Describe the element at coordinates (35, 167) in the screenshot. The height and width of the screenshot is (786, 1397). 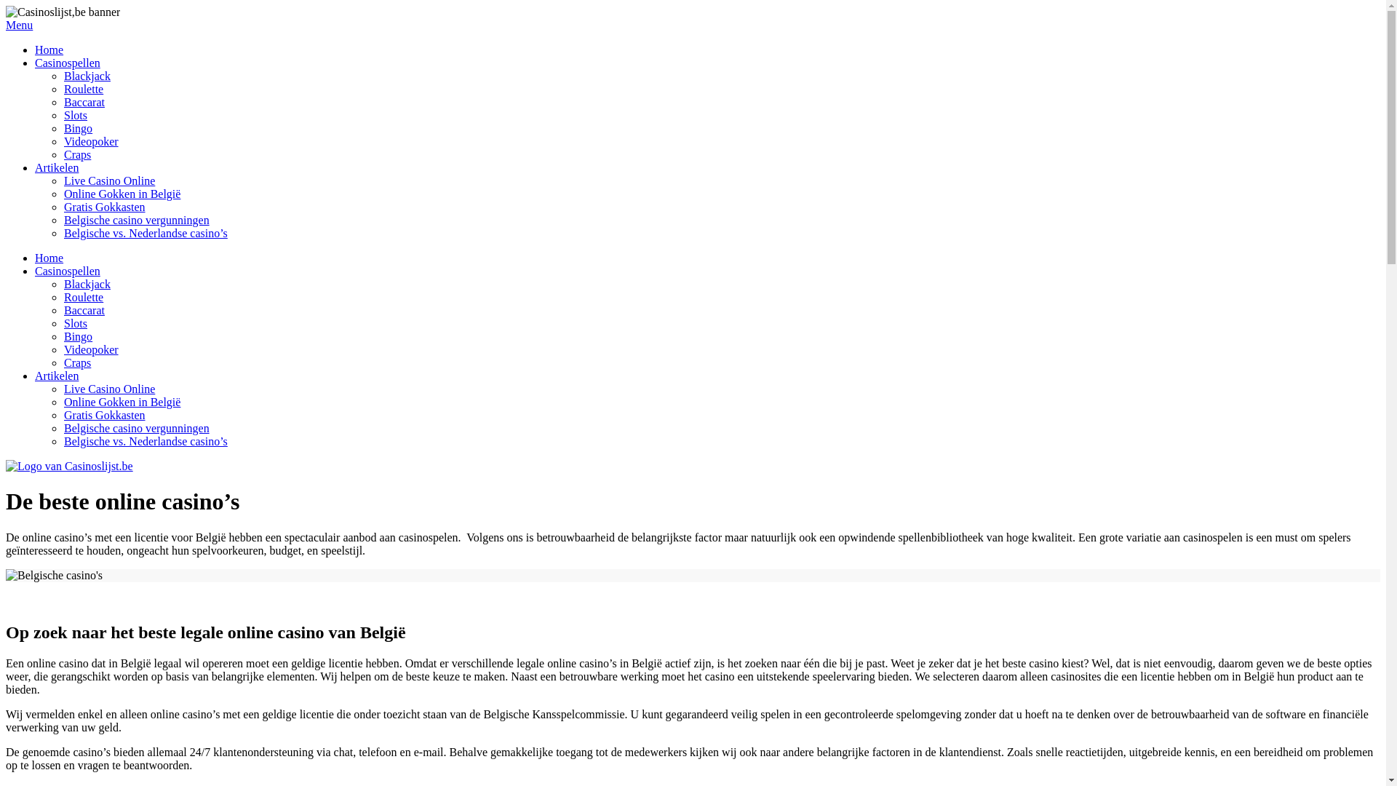
I see `'Artikelen'` at that location.